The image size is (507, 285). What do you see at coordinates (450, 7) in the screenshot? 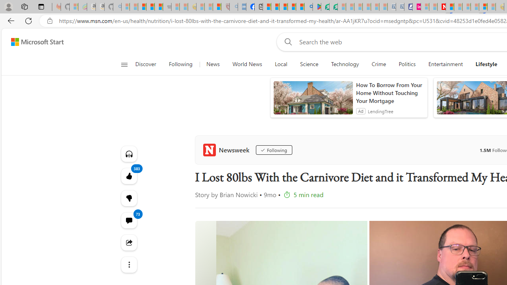
I see `'Trusted Community Engagement and Contributions | Guidelines'` at bounding box center [450, 7].